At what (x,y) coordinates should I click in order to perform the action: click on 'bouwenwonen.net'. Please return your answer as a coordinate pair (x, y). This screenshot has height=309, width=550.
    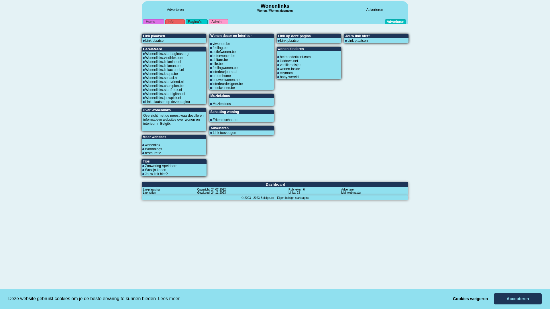
    Looking at the image, I should click on (226, 80).